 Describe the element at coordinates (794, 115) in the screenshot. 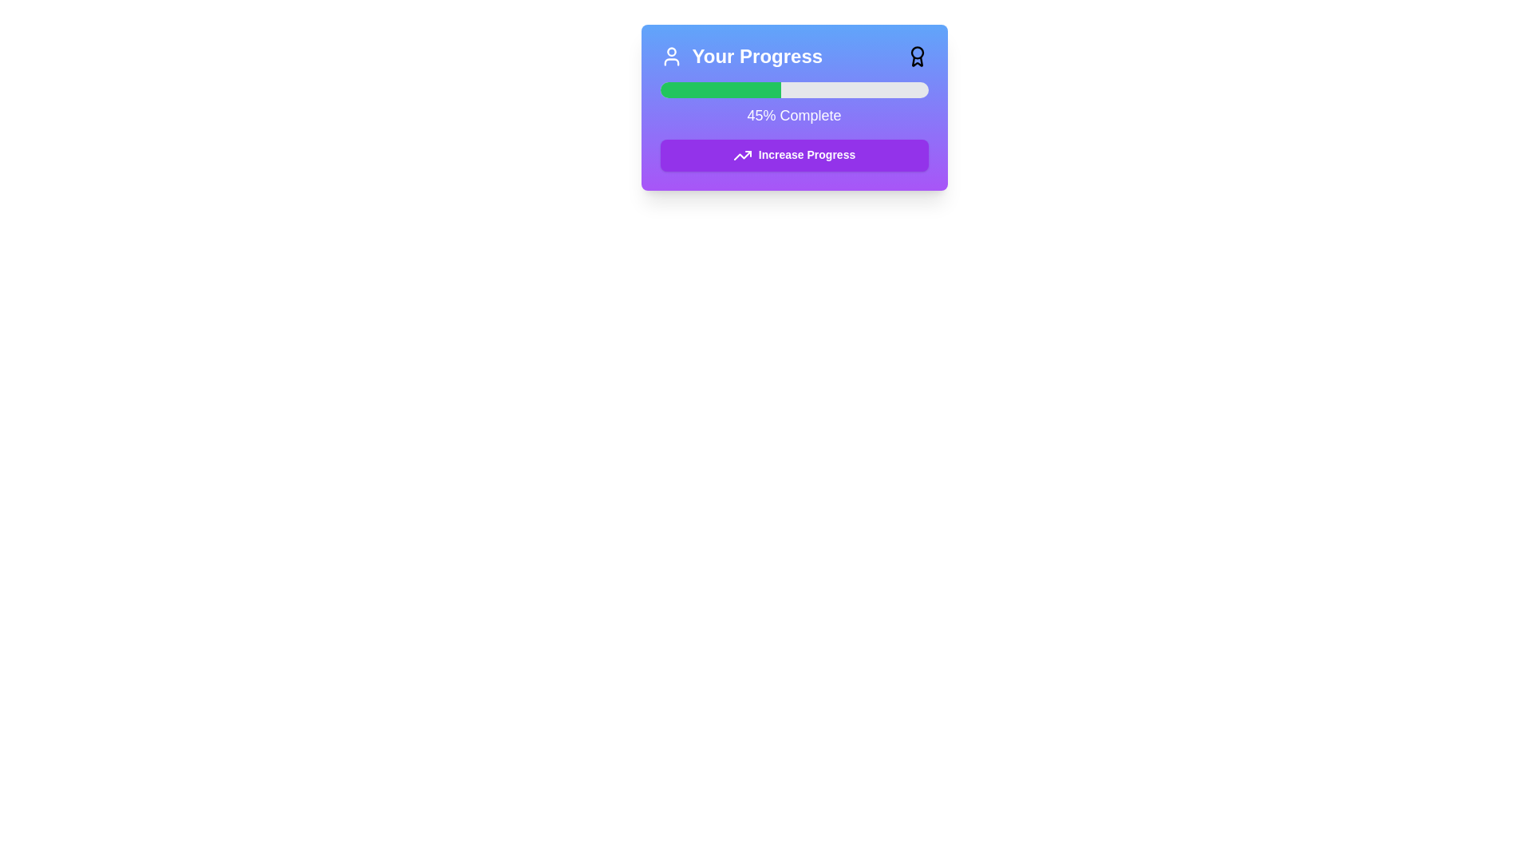

I see `displayed progress information from the Text Label, which indicates the percentage of completion and is located above the 'Increase Progress' button` at that location.